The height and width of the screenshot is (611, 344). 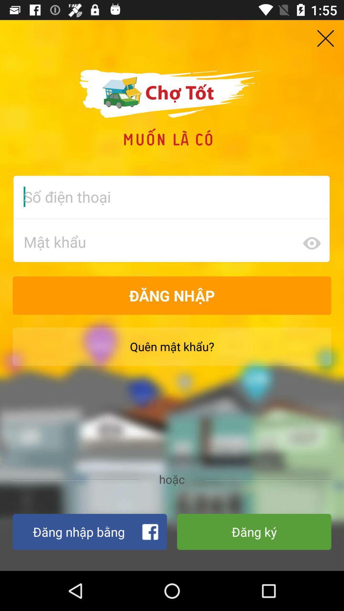 What do you see at coordinates (326, 38) in the screenshot?
I see `the close icon` at bounding box center [326, 38].